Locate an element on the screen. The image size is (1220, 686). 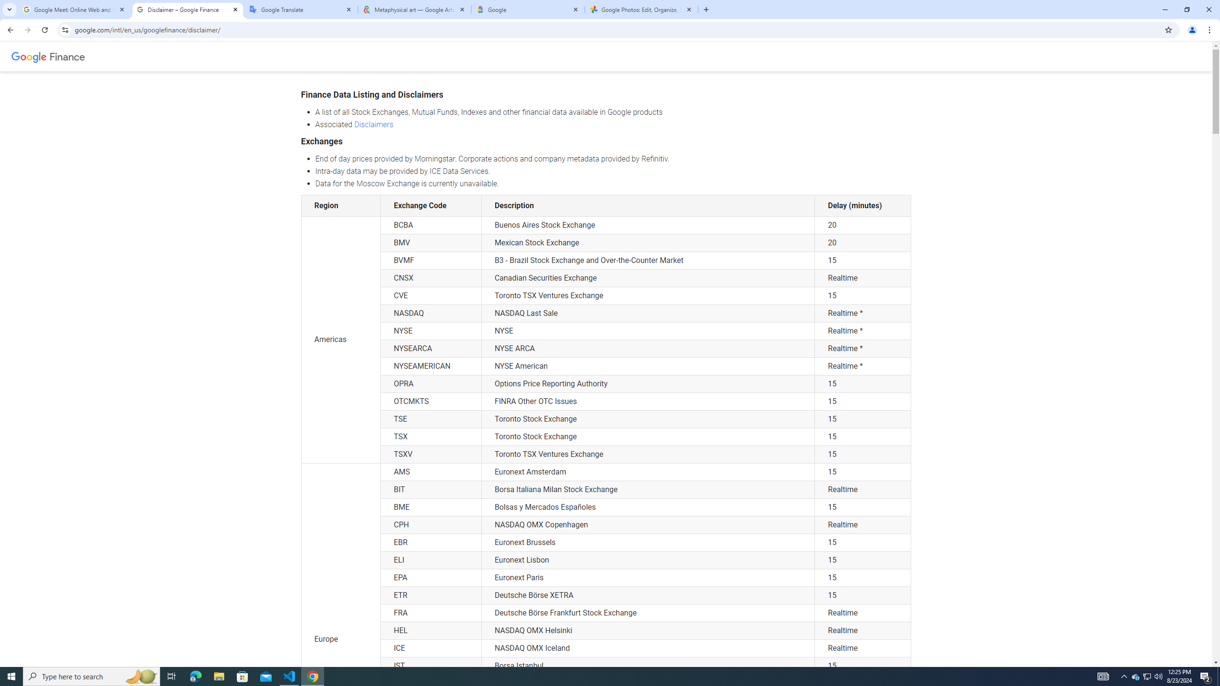
'CNSX' is located at coordinates (431, 277).